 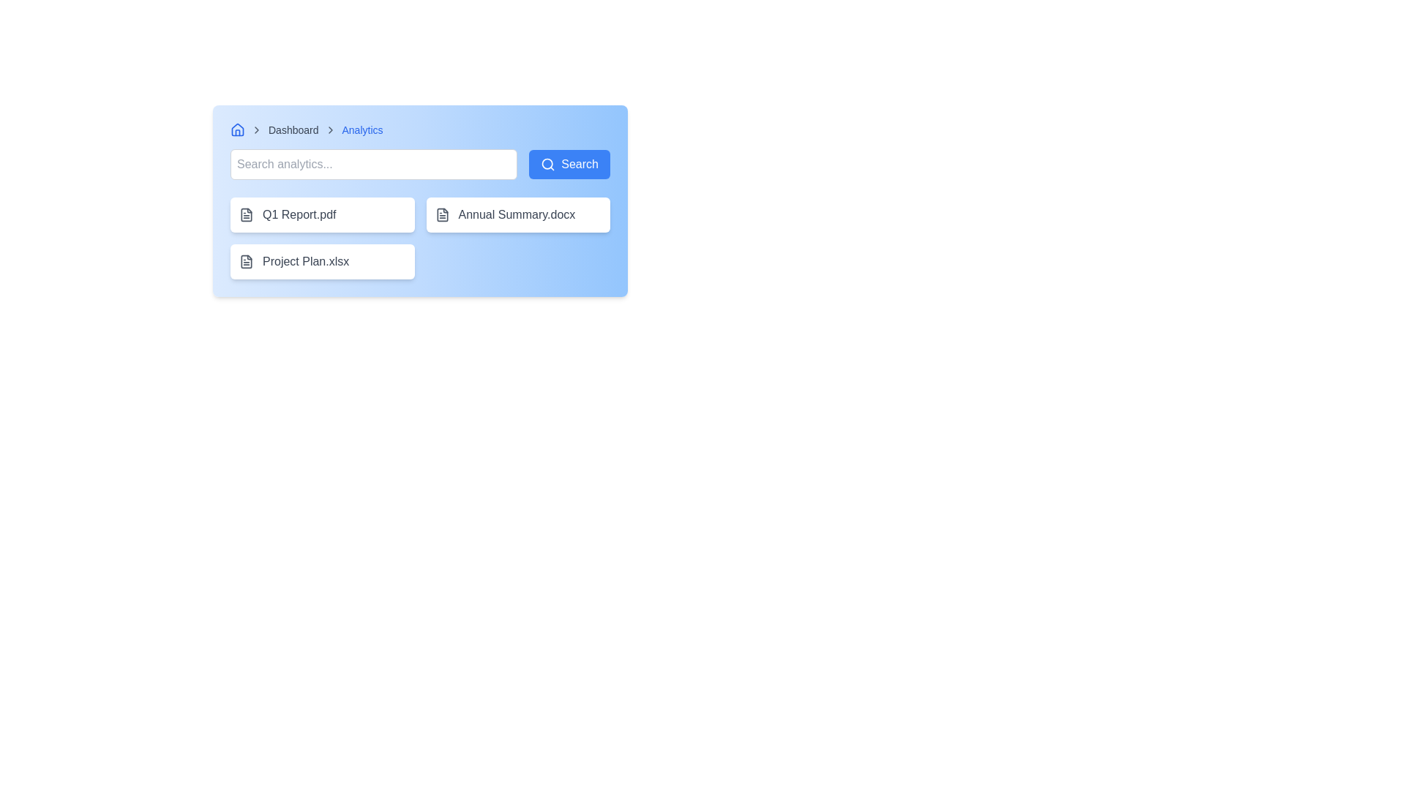 What do you see at coordinates (256, 129) in the screenshot?
I see `the small right-pointing chevron icon with a gray fill located in the breadcrumb navigation bar between the home icon and the text 'Dashboard'` at bounding box center [256, 129].